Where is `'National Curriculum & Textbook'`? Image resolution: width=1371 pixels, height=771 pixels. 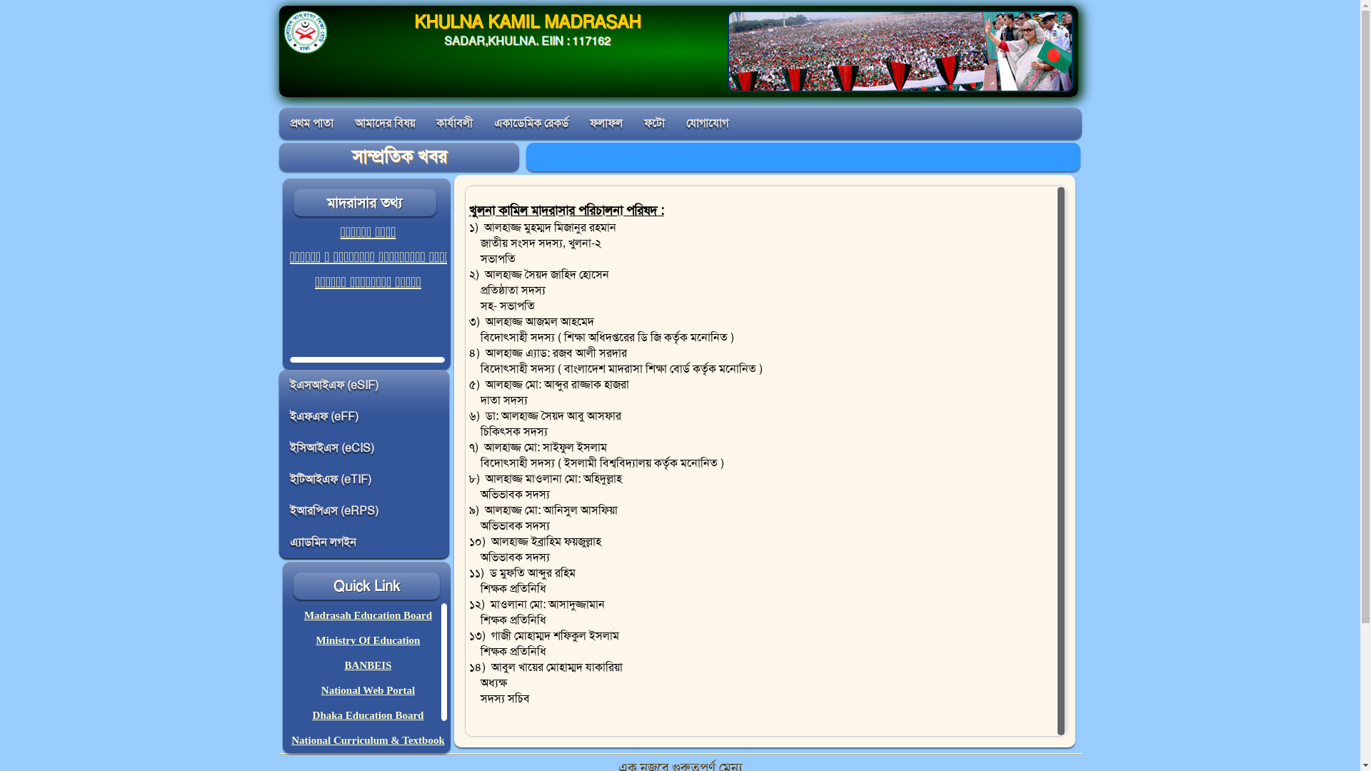
'National Curriculum & Textbook' is located at coordinates (291, 740).